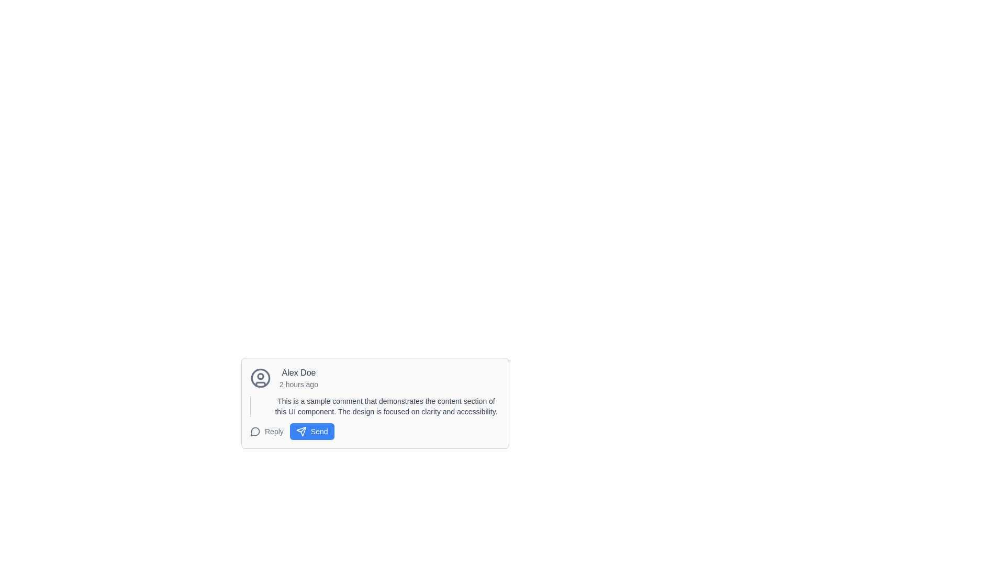 Image resolution: width=1005 pixels, height=565 pixels. Describe the element at coordinates (298, 372) in the screenshot. I see `the static text label that displays the username of the commenter, positioned in the upper-left corner of the comment block, above the timestamp '2 hours ago' and aligned with the user avatar icon` at that location.